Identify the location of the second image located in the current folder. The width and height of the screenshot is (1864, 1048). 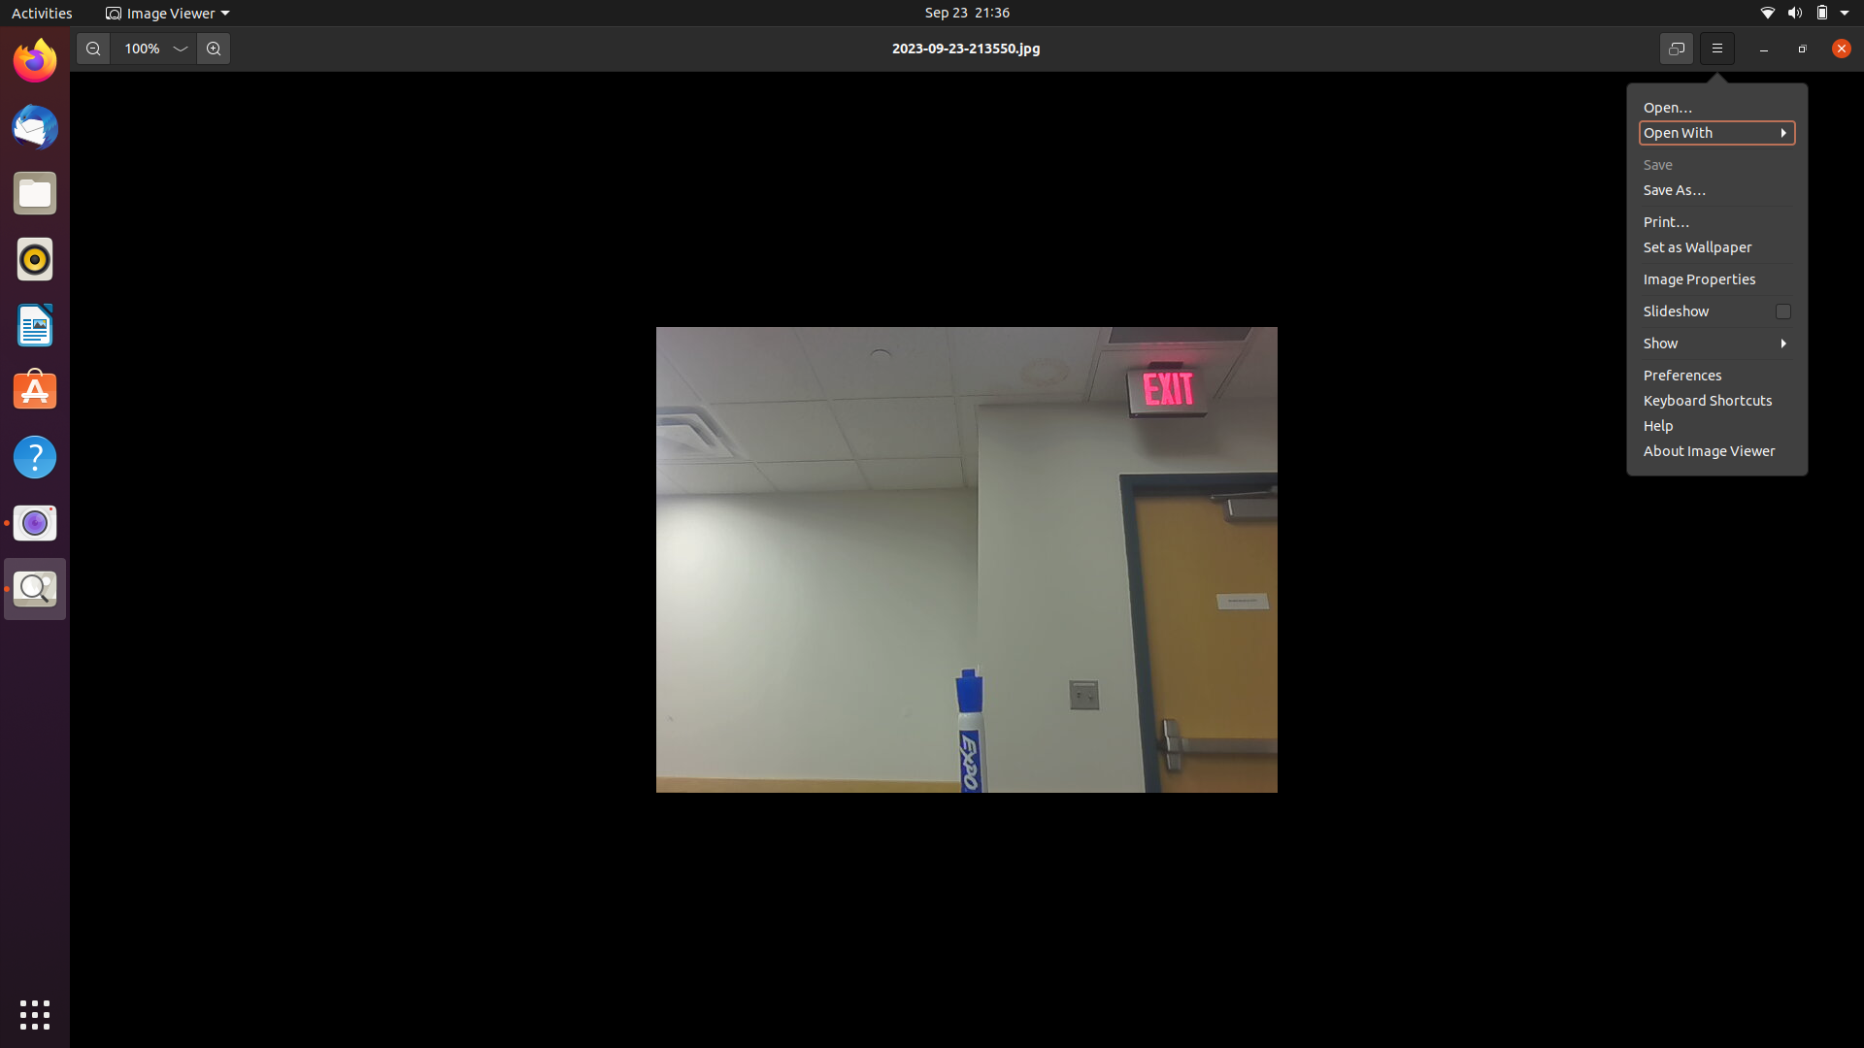
(1717, 132).